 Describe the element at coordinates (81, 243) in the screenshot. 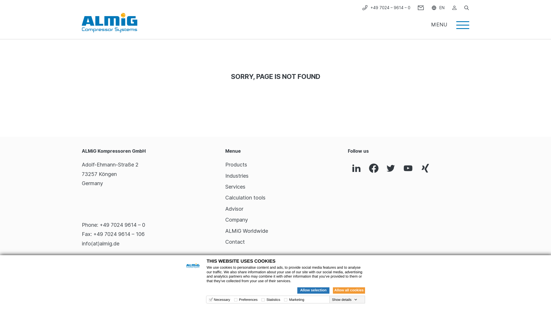

I see `'info(at)almig.de'` at that location.